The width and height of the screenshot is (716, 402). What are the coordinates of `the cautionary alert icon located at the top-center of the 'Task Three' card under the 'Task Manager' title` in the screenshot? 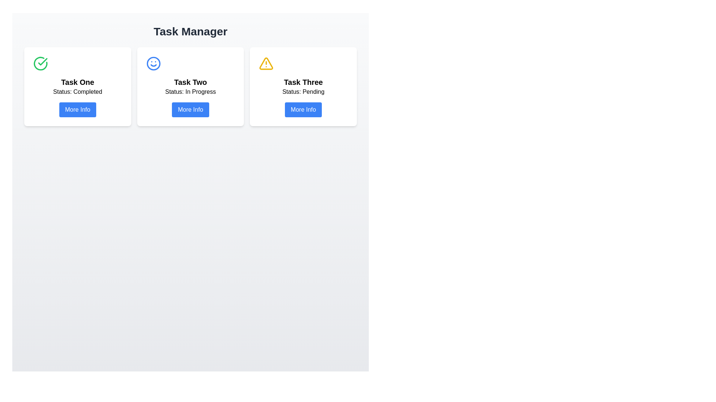 It's located at (266, 63).